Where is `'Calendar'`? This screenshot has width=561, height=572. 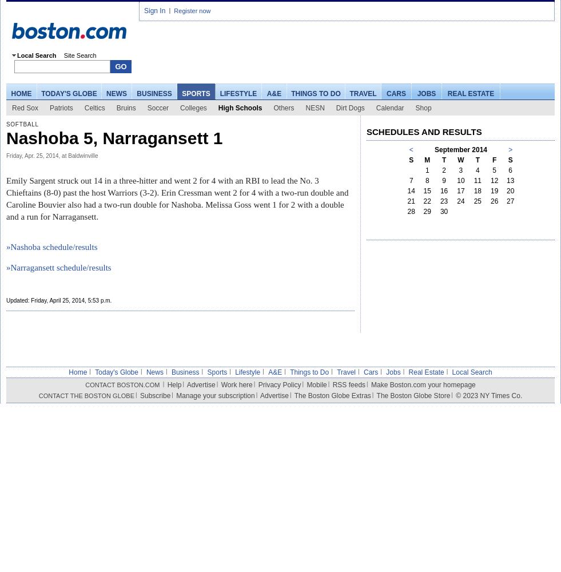
'Calendar' is located at coordinates (389, 108).